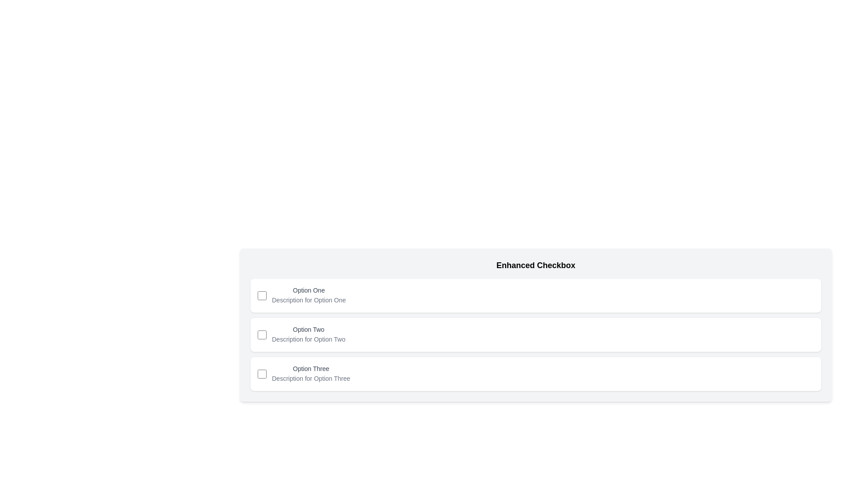  I want to click on the text label displaying 'Description for Option Two', which is located directly beneath 'Option Two' in a vertical alignment with other options, so click(309, 339).